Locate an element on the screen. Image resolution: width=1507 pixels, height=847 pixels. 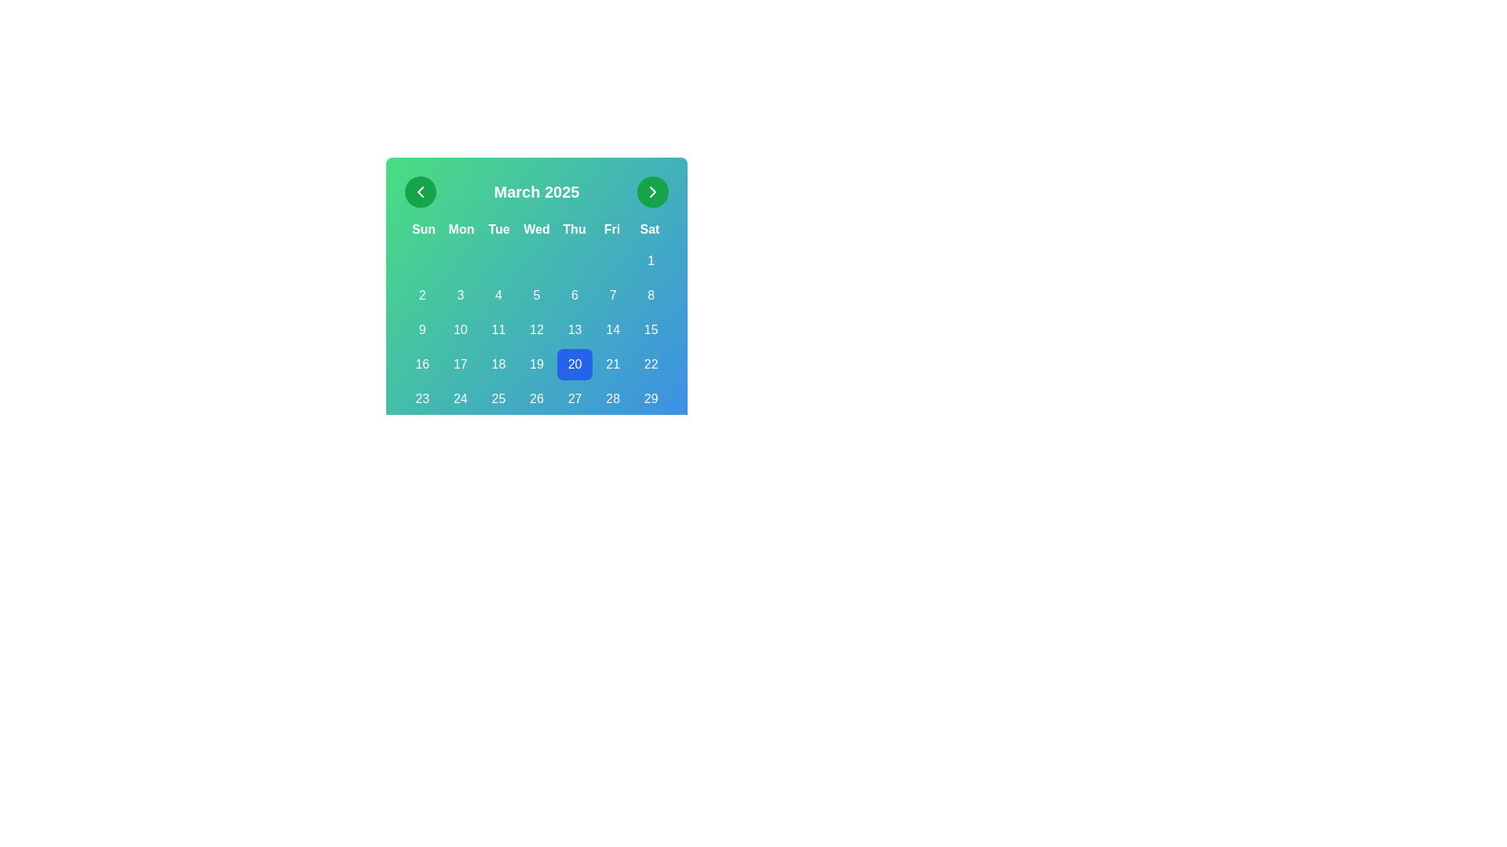
the circular button icon in the top-left corner of the calendar interface is located at coordinates (421, 191).